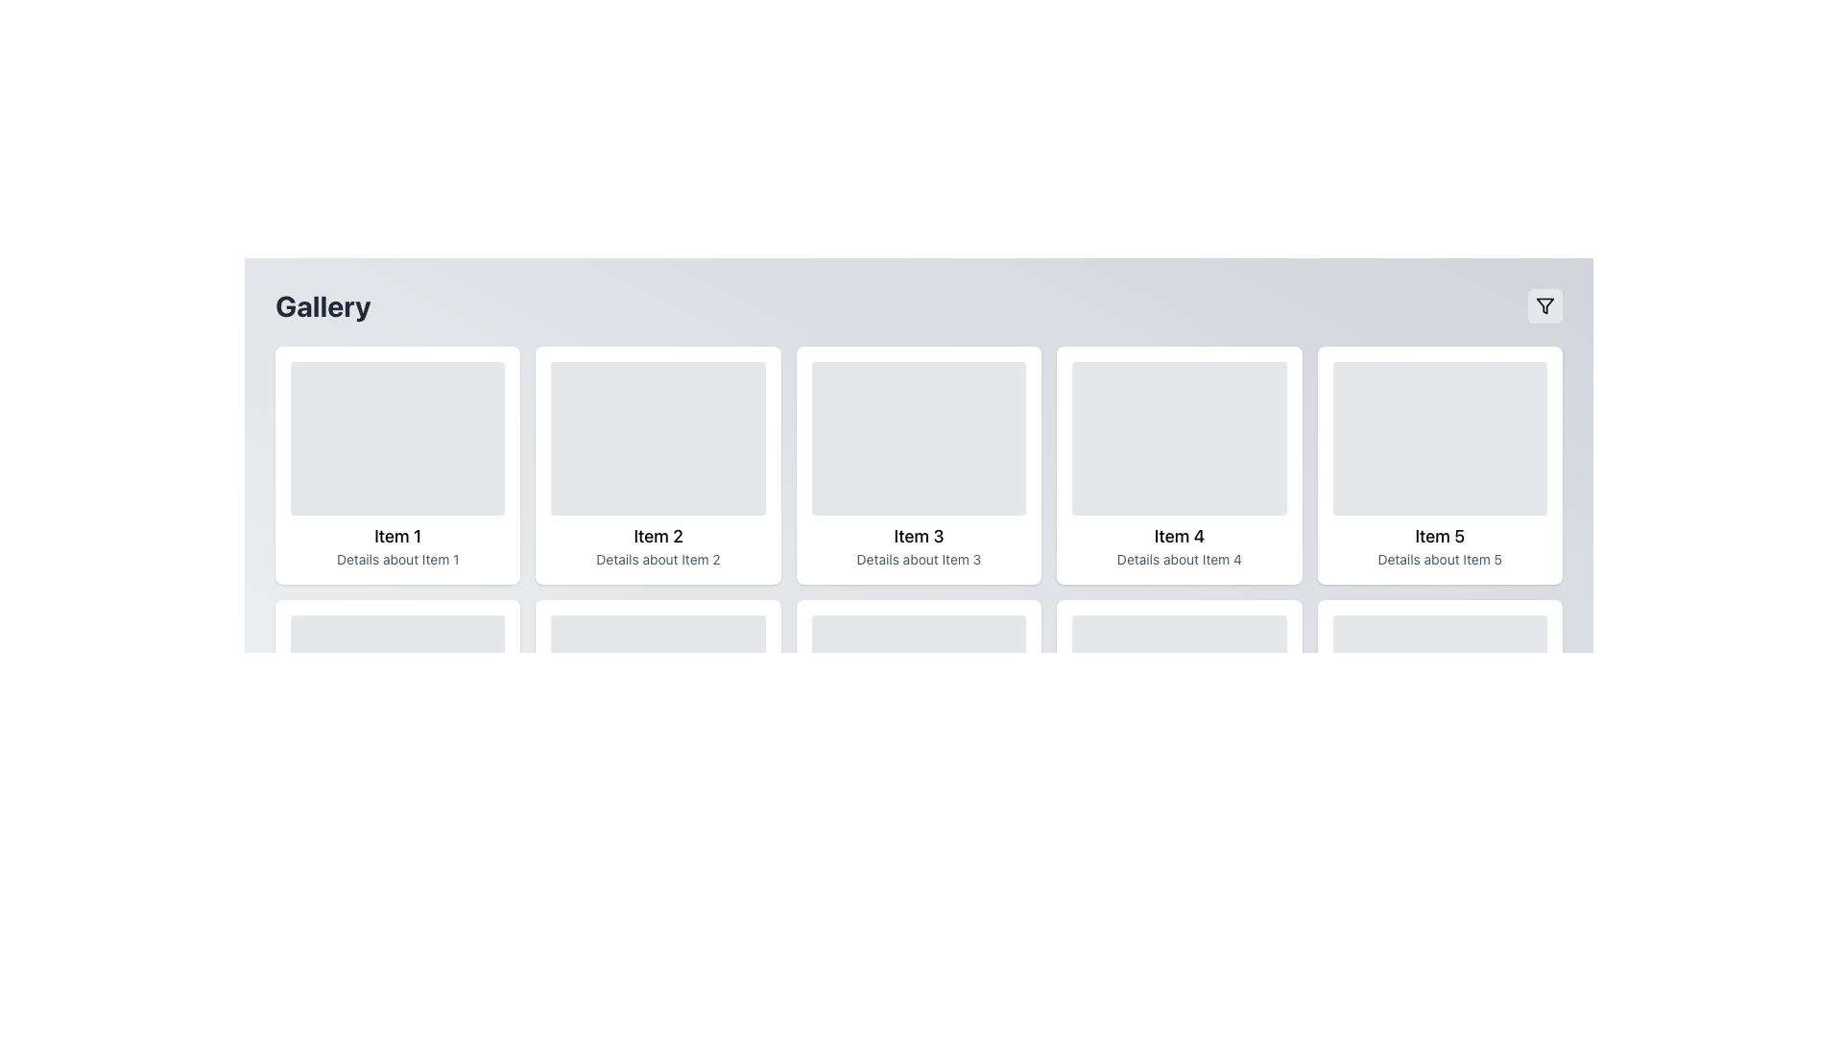 Image resolution: width=1843 pixels, height=1037 pixels. Describe the element at coordinates (658, 438) in the screenshot. I see `the 'Item 2' card by clicking on the placeholder area within the card to access related actions` at that location.